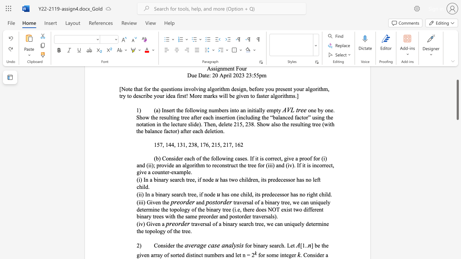 This screenshot has height=259, width=461. Describe the element at coordinates (457, 100) in the screenshot. I see `the scrollbar and move up 100 pixels` at that location.